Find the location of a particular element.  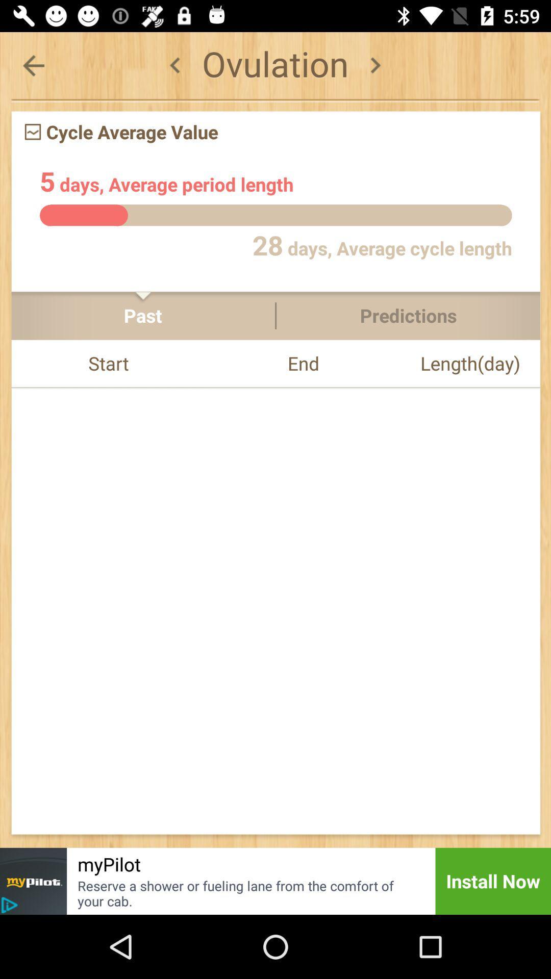

the arrow_backward icon is located at coordinates (174, 65).